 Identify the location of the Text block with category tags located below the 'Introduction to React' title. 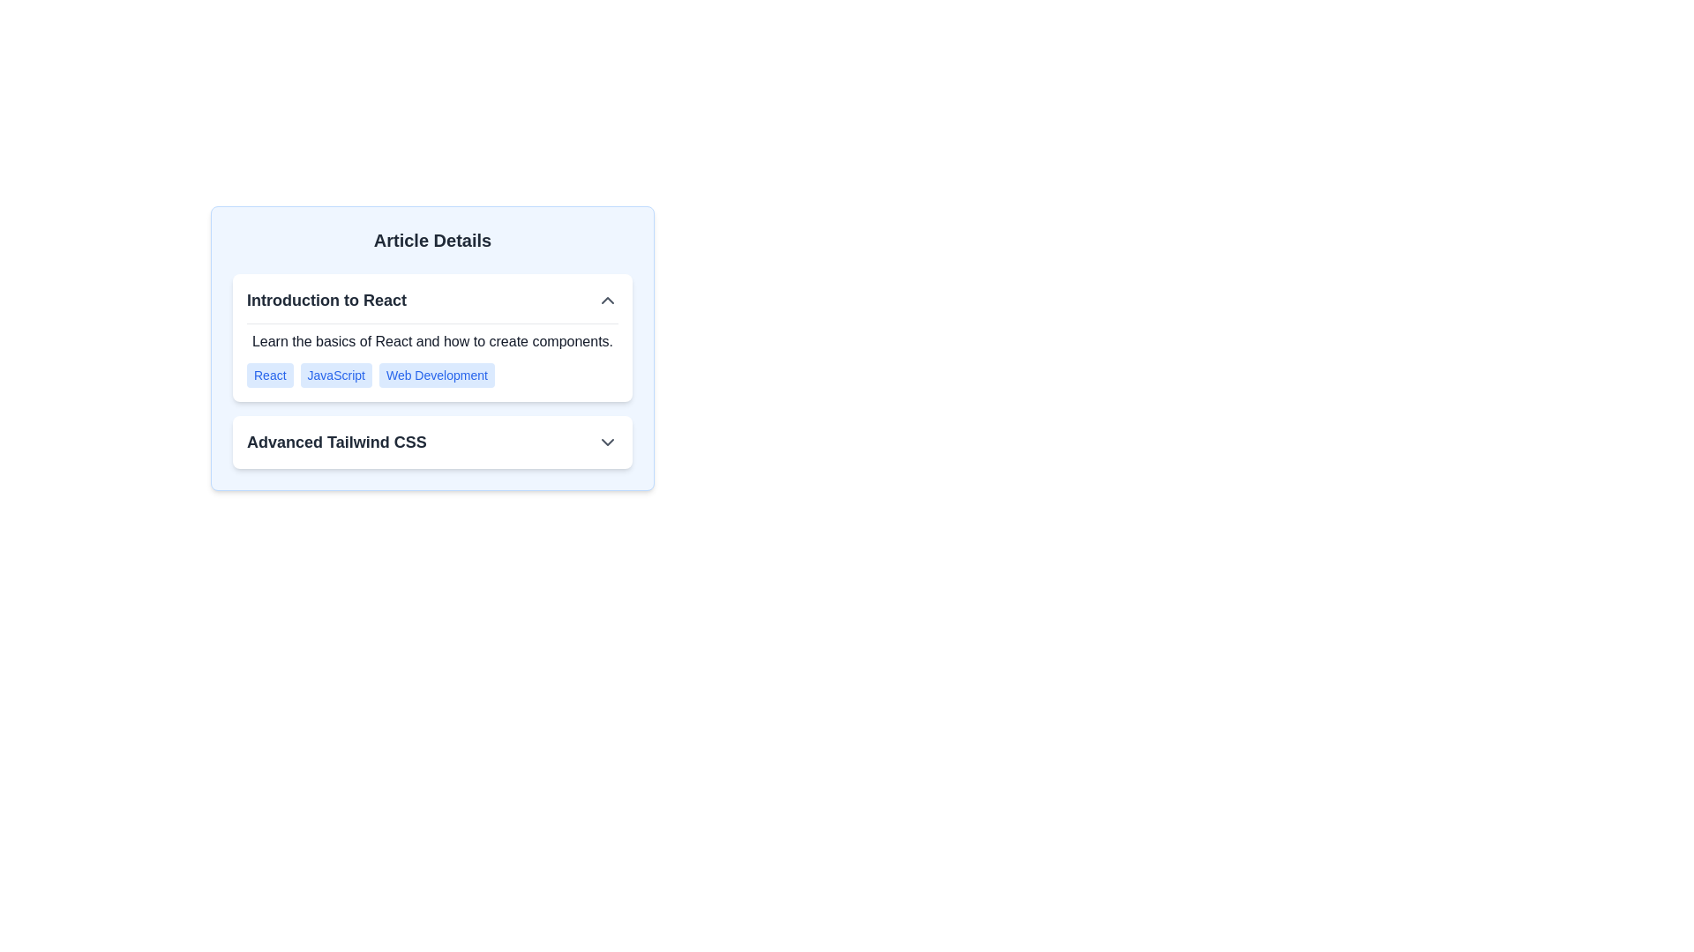
(432, 355).